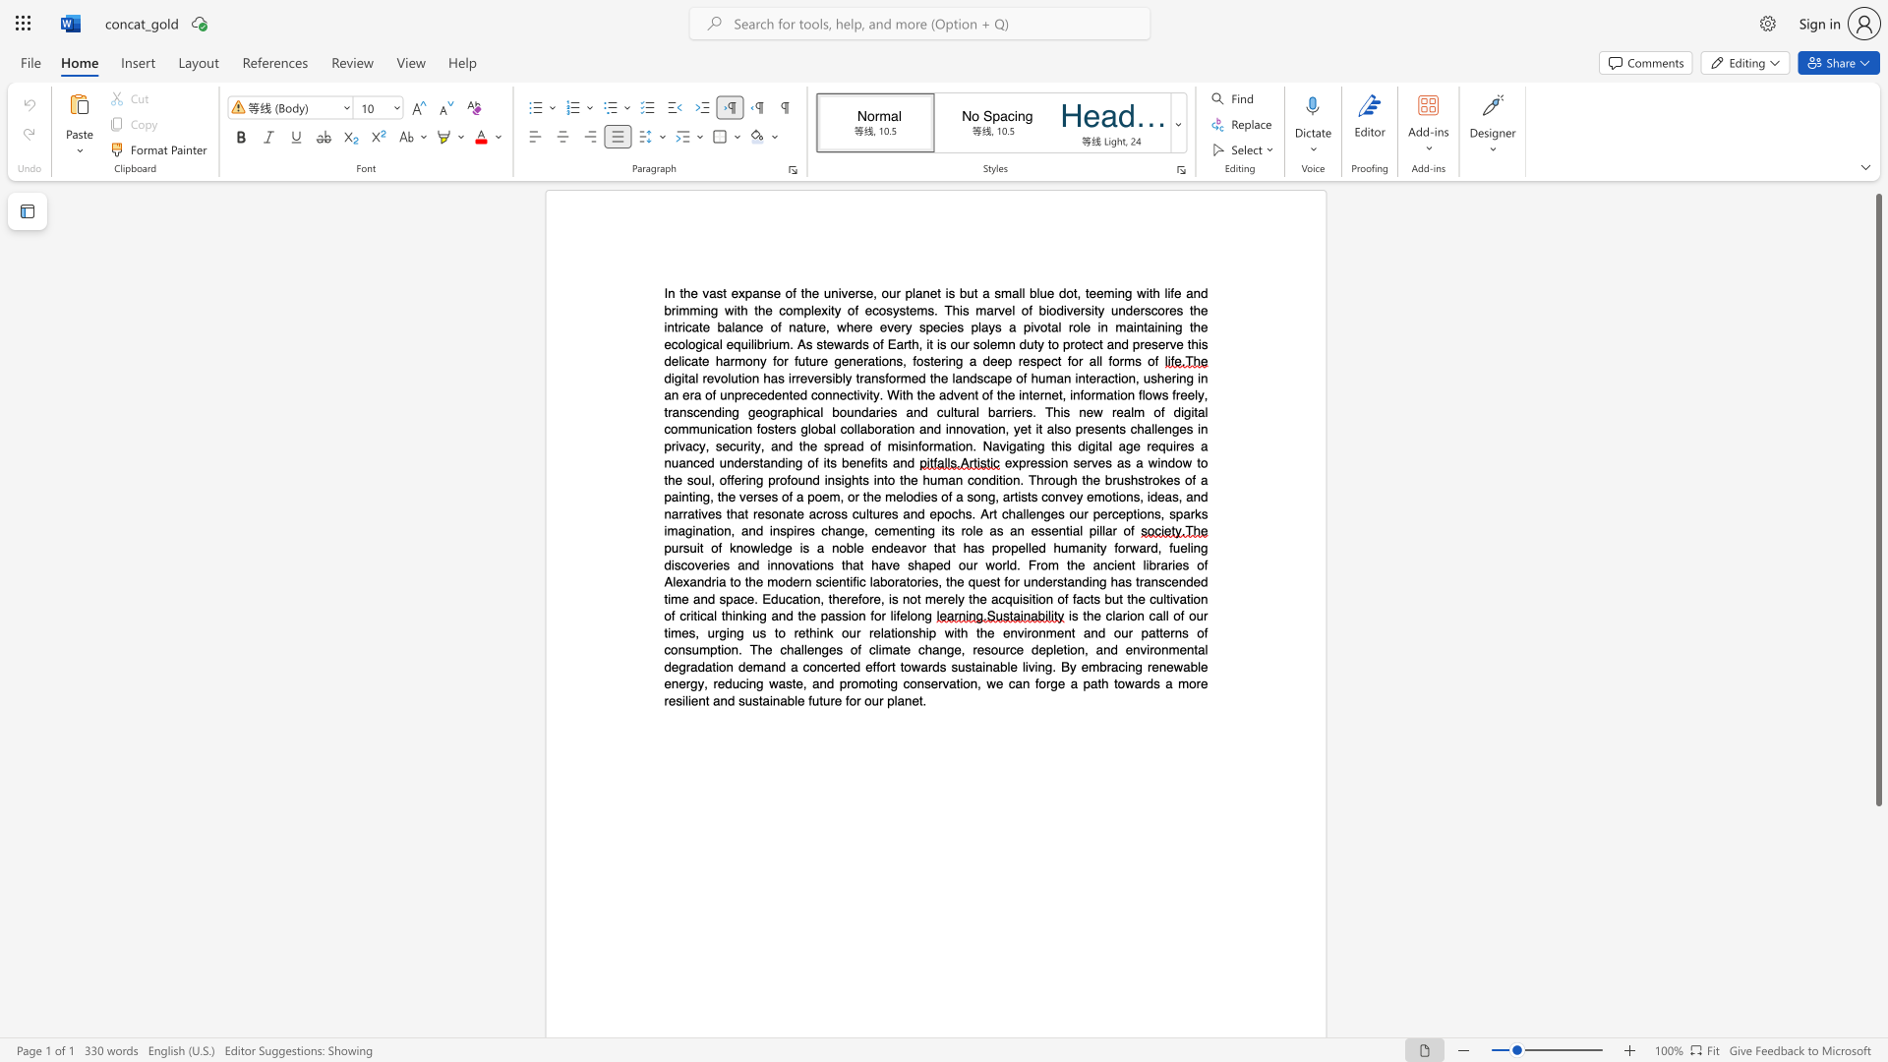  I want to click on the scrollbar and move down 110 pixels, so click(1877, 499).